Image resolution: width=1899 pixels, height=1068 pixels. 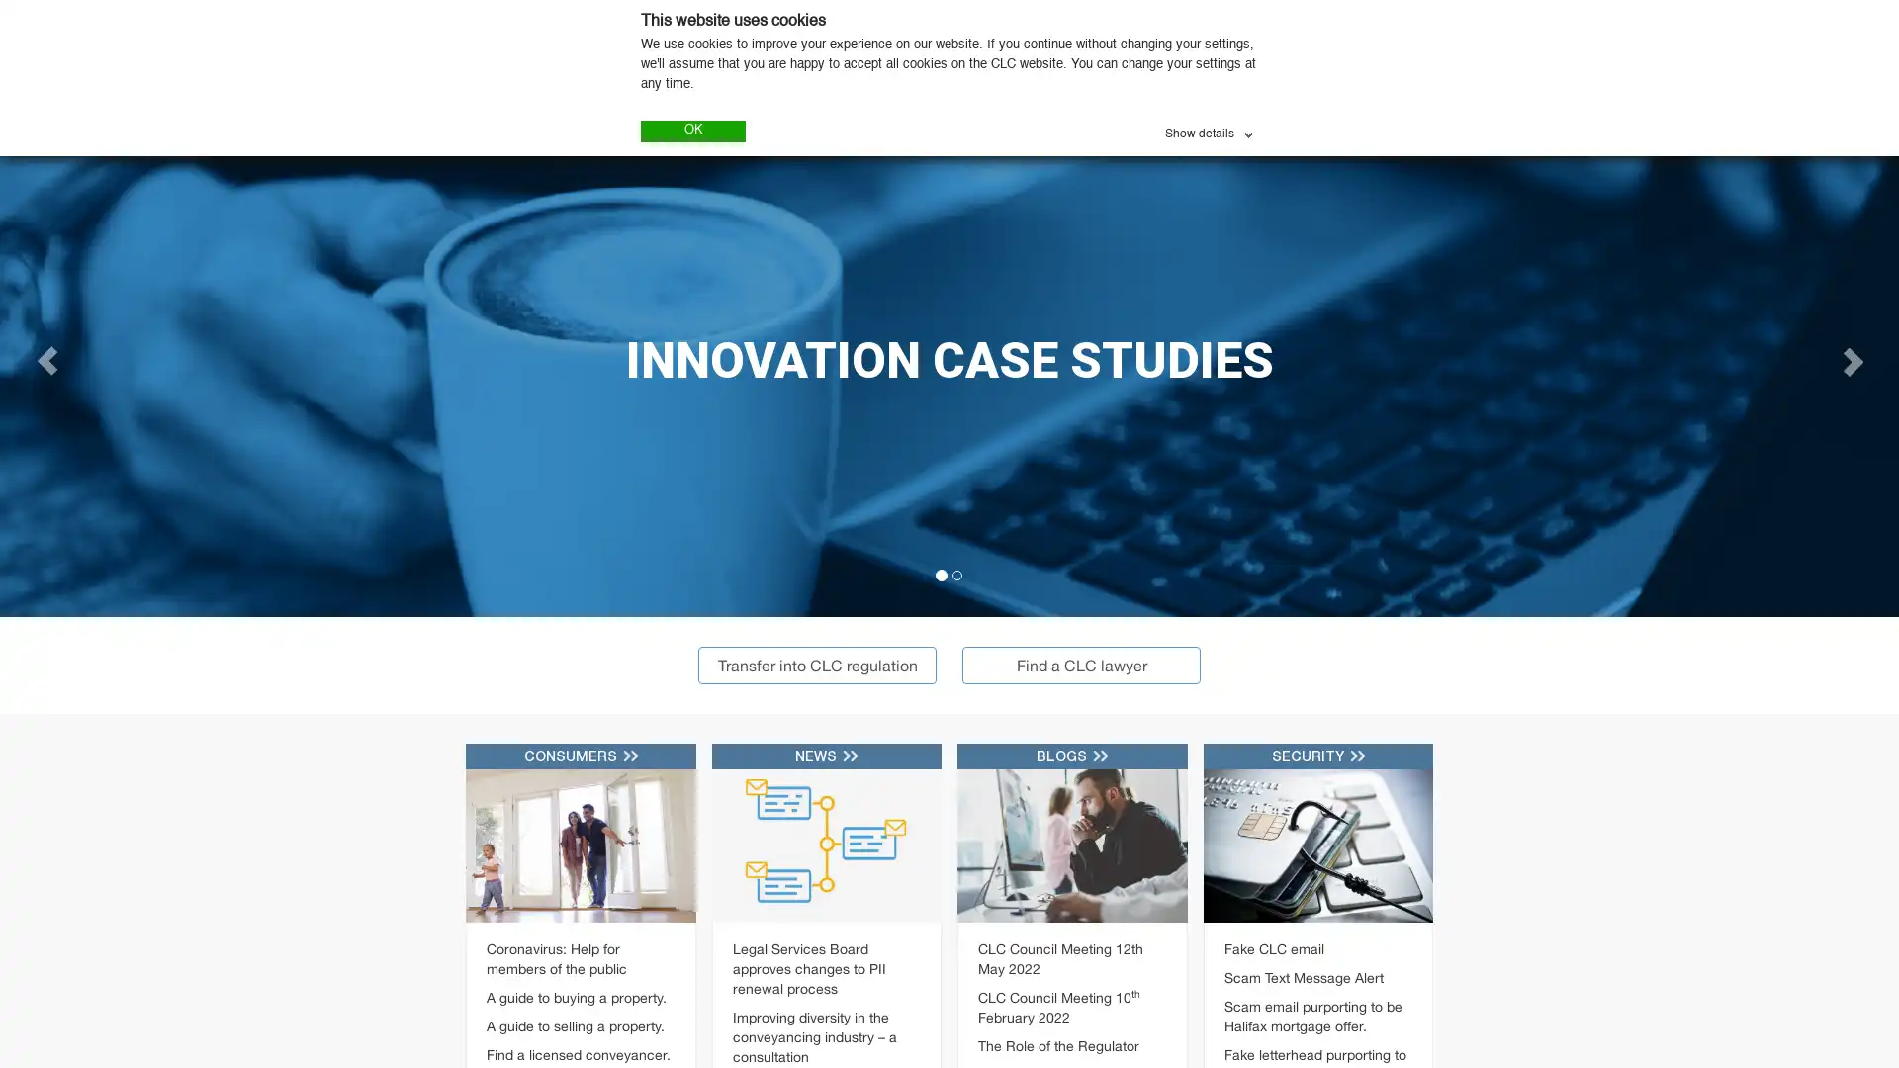 I want to click on Transfer into CLC regulation, so click(x=817, y=664).